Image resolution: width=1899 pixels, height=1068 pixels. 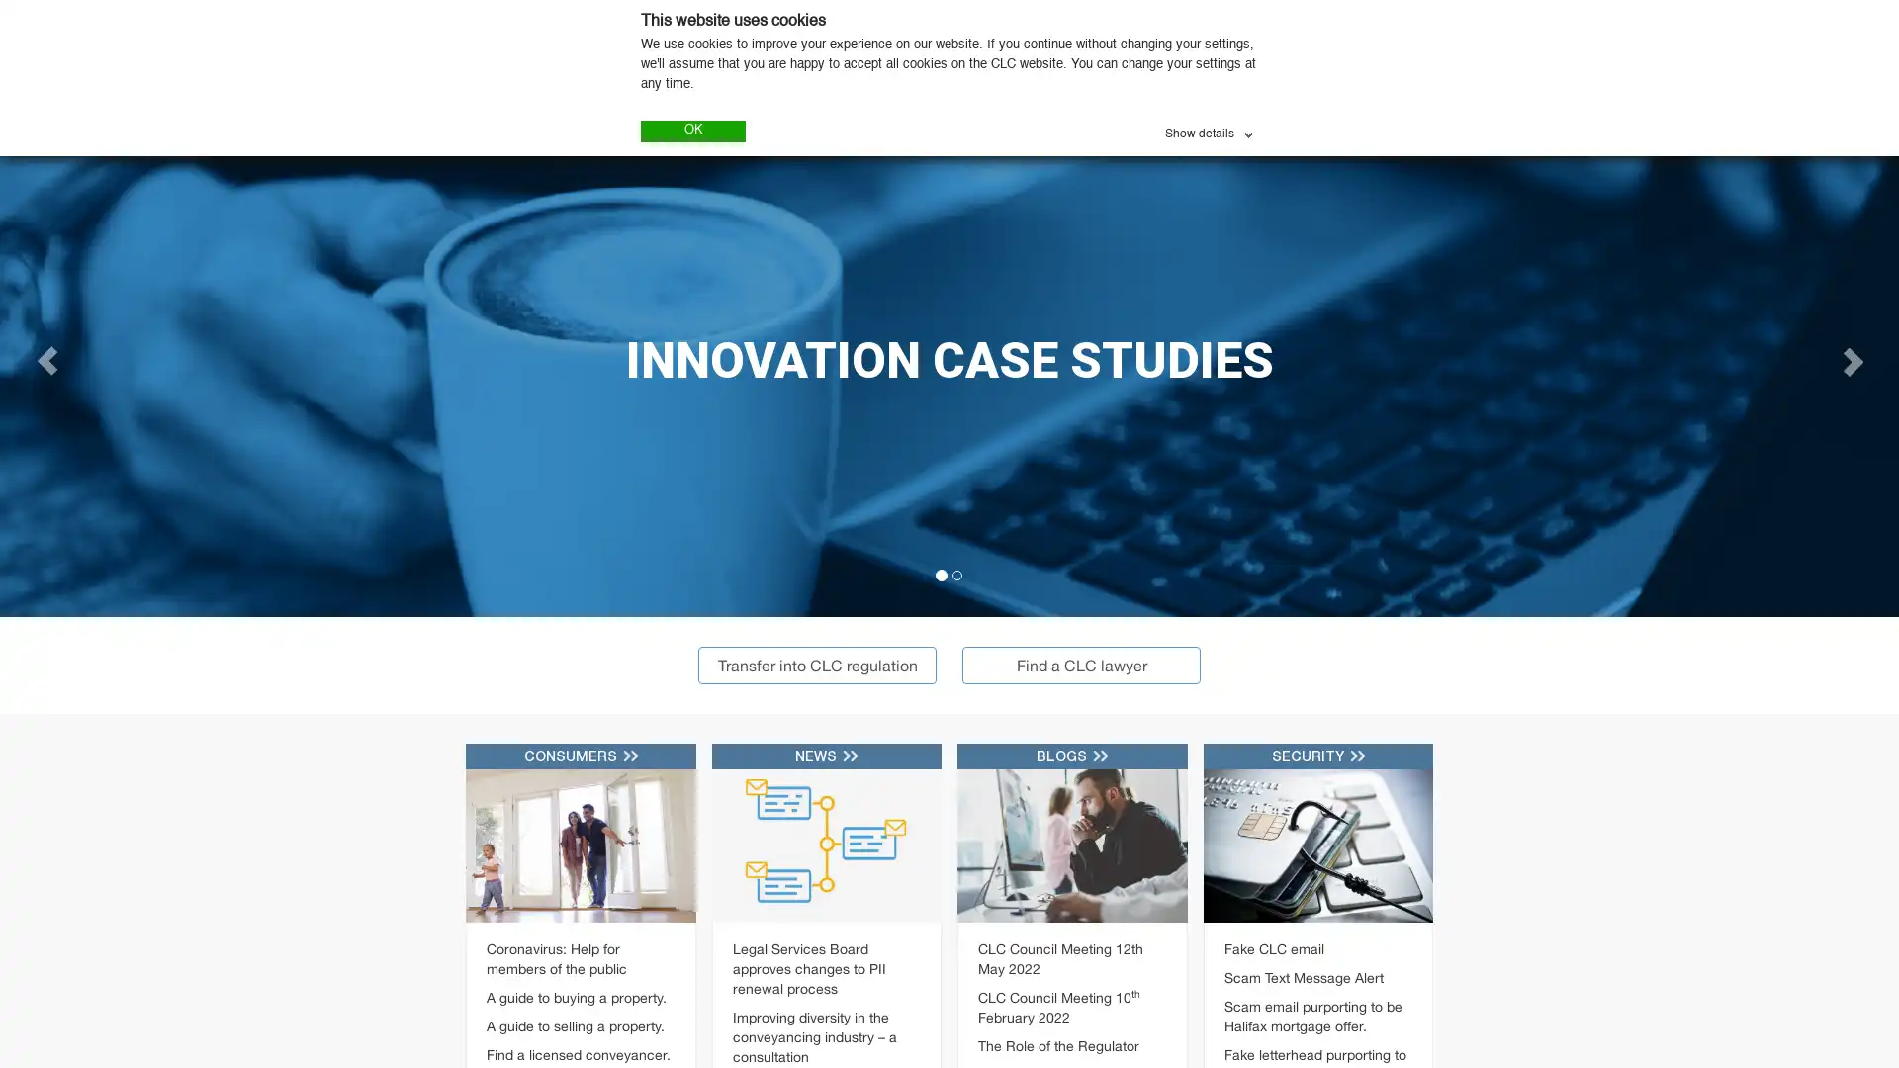 I want to click on Transfer into CLC regulation, so click(x=817, y=664).